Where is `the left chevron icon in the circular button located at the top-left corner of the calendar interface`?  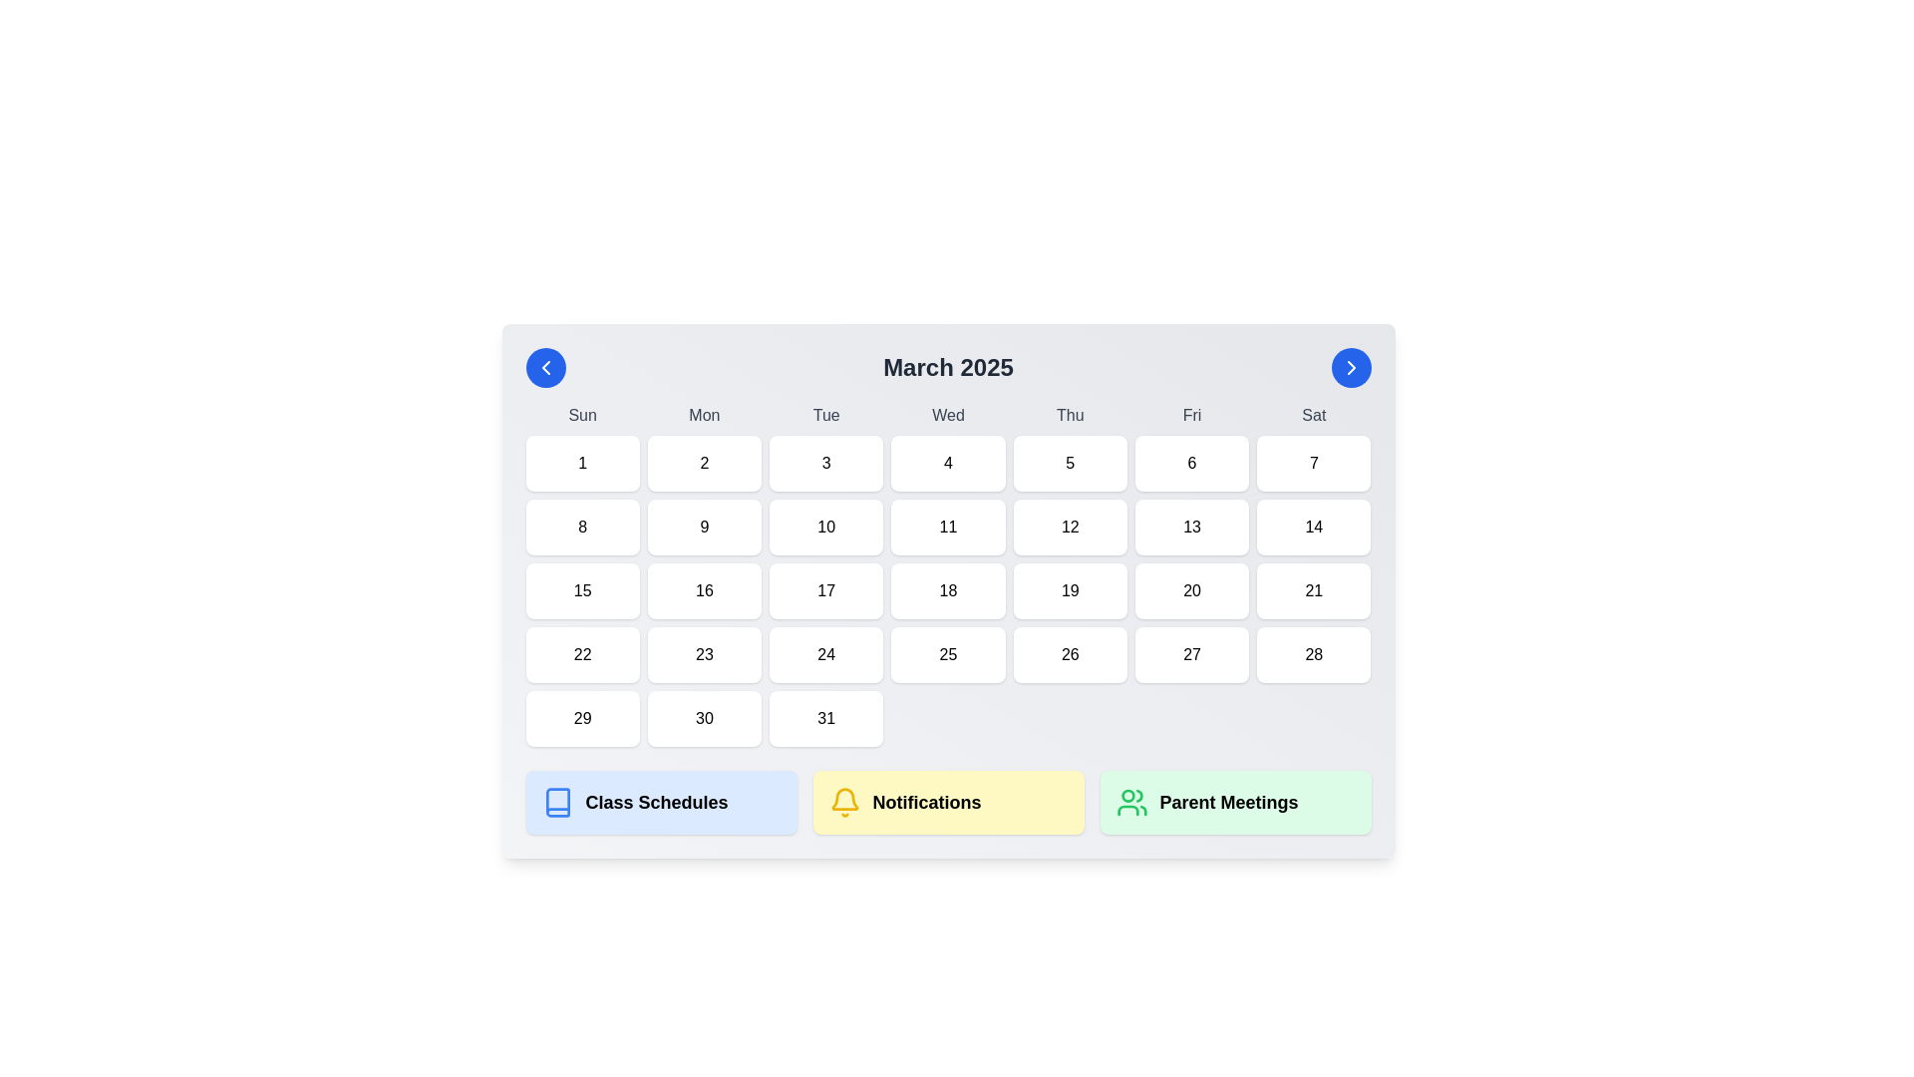 the left chevron icon in the circular button located at the top-left corner of the calendar interface is located at coordinates (545, 368).